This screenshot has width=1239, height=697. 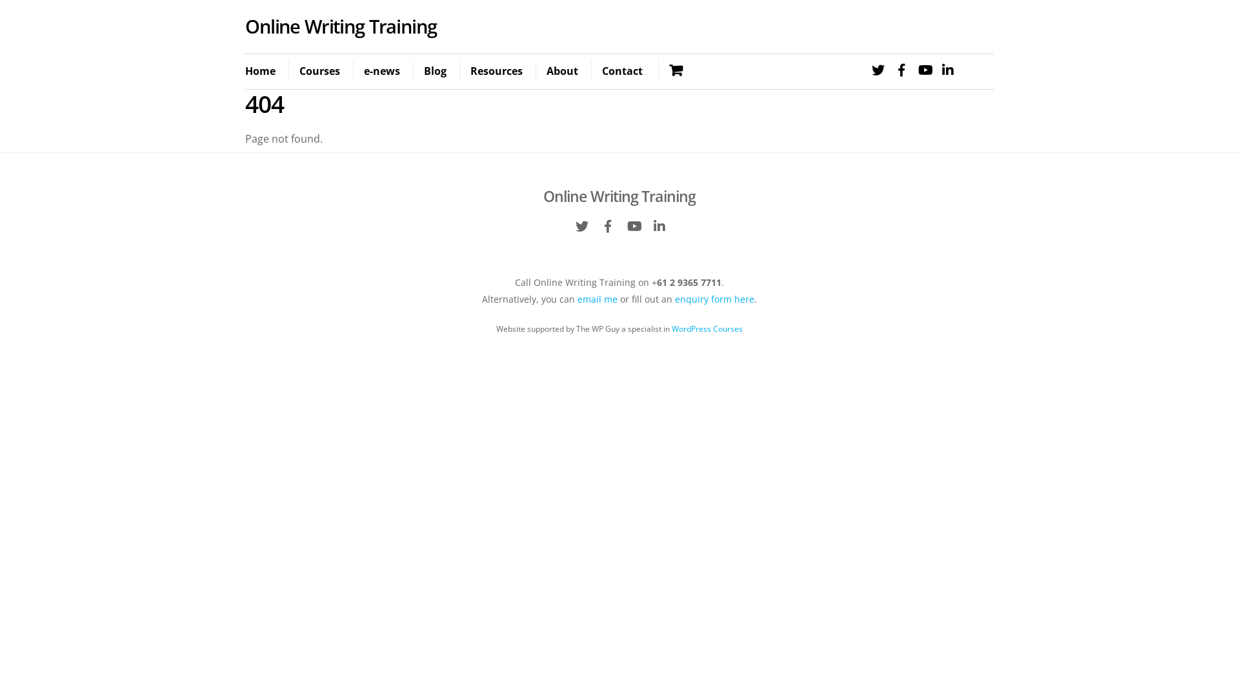 What do you see at coordinates (265, 72) in the screenshot?
I see `'Home'` at bounding box center [265, 72].